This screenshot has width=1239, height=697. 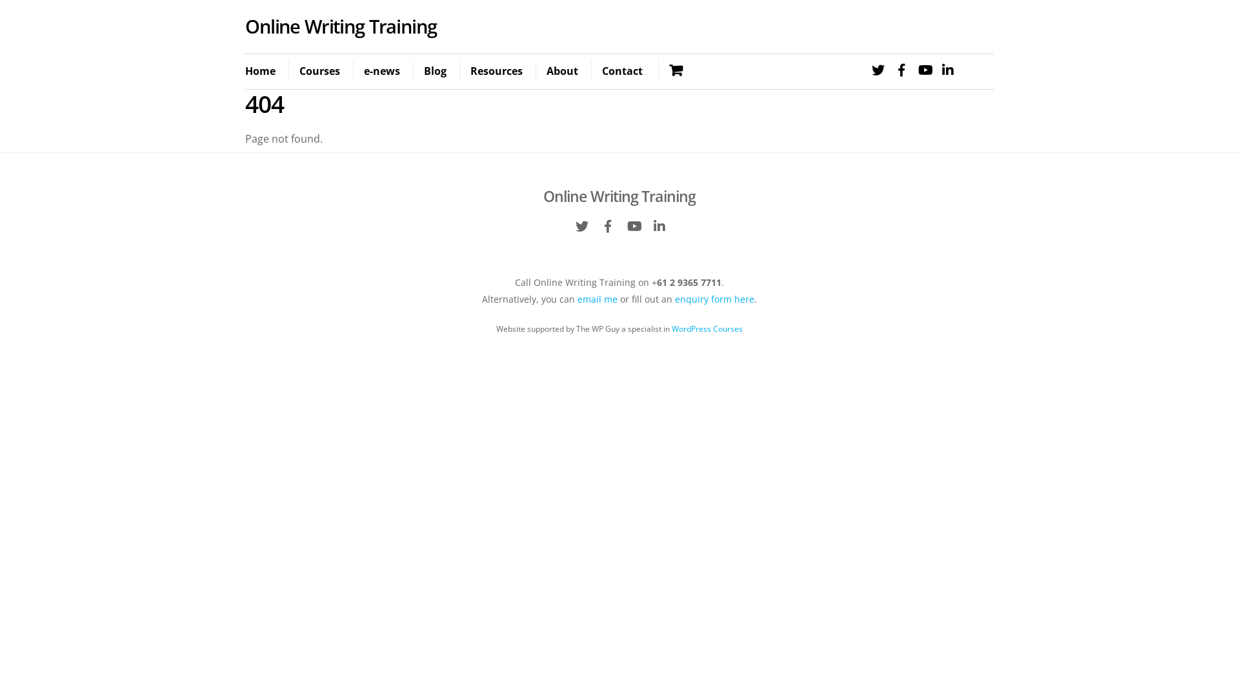 What do you see at coordinates (265, 72) in the screenshot?
I see `'Home'` at bounding box center [265, 72].